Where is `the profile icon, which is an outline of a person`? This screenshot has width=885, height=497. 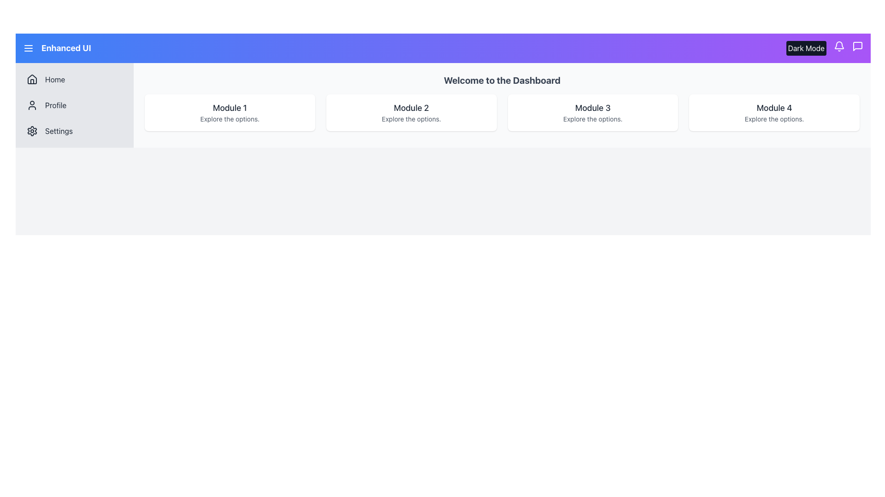 the profile icon, which is an outline of a person is located at coordinates (32, 104).